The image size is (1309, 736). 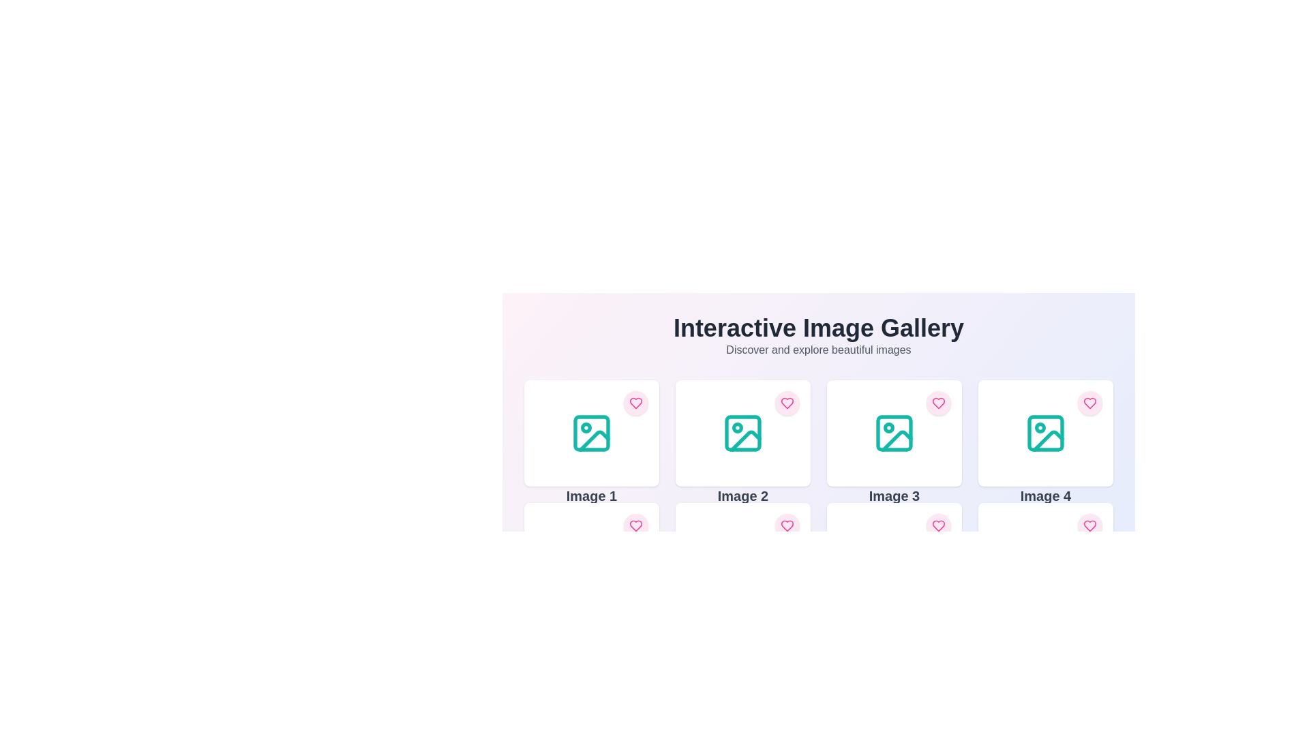 I want to click on SVG rectangle element that represents an image placeholder, located at the center of the third image card in the top row of the gallery interface, so click(x=894, y=433).